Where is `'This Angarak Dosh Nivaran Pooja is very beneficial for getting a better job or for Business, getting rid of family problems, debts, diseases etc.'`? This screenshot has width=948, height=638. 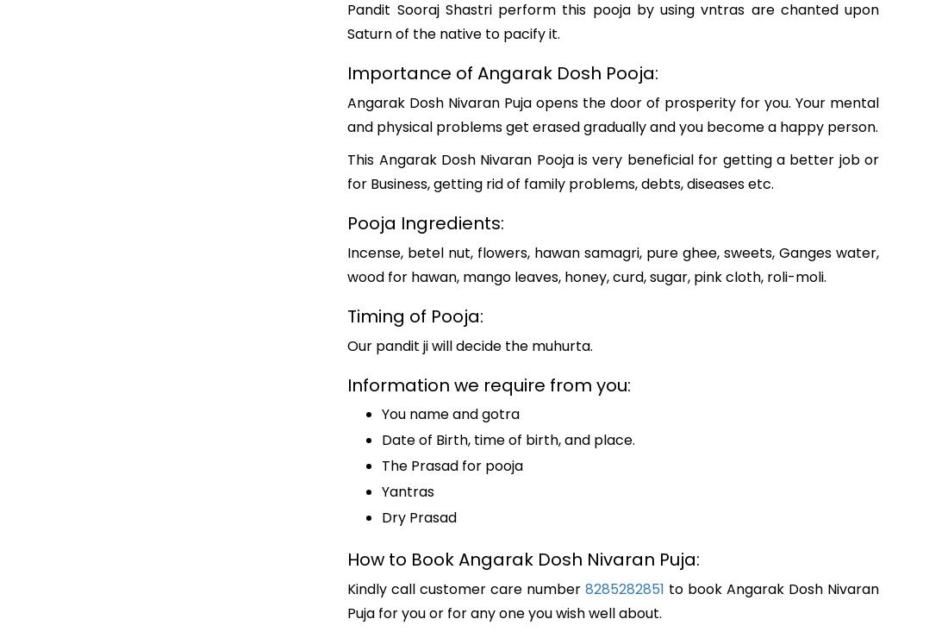 'This Angarak Dosh Nivaran Pooja is very beneficial for getting a better job or for Business, getting rid of family problems, debts, diseases etc.' is located at coordinates (612, 171).